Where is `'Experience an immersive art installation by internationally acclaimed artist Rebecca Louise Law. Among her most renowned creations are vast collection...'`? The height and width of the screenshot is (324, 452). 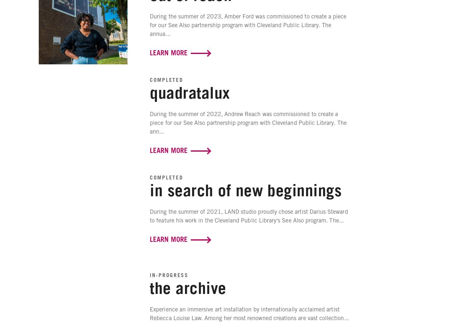
'Experience an immersive art installation by internationally acclaimed artist Rebecca Louise Law. Among her most renowned creations are vast collection...' is located at coordinates (249, 313).